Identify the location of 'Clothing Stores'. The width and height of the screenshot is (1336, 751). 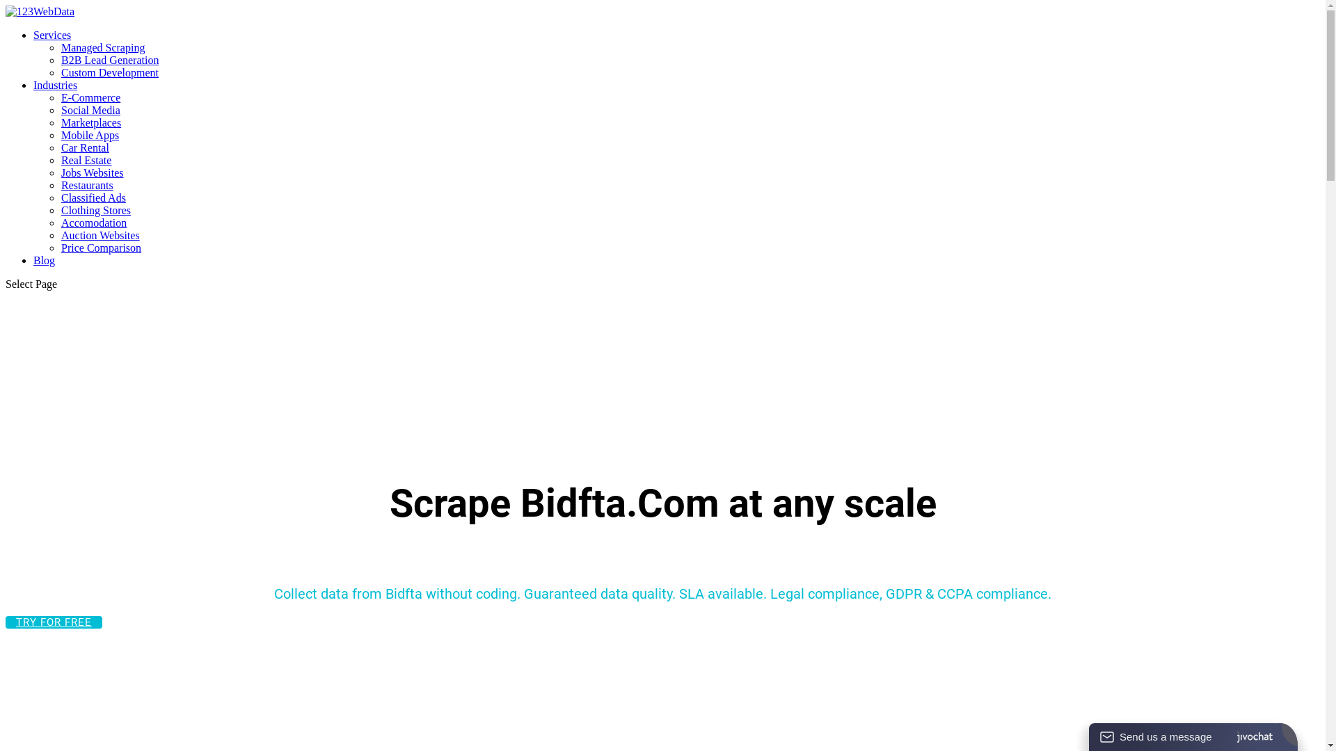
(95, 210).